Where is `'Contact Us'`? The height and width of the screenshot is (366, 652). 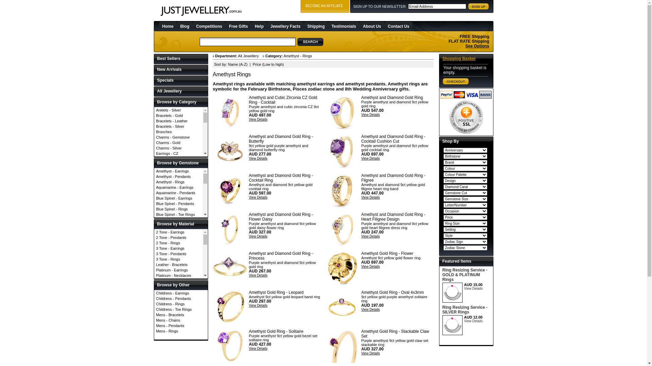
'Contact Us' is located at coordinates (384, 26).